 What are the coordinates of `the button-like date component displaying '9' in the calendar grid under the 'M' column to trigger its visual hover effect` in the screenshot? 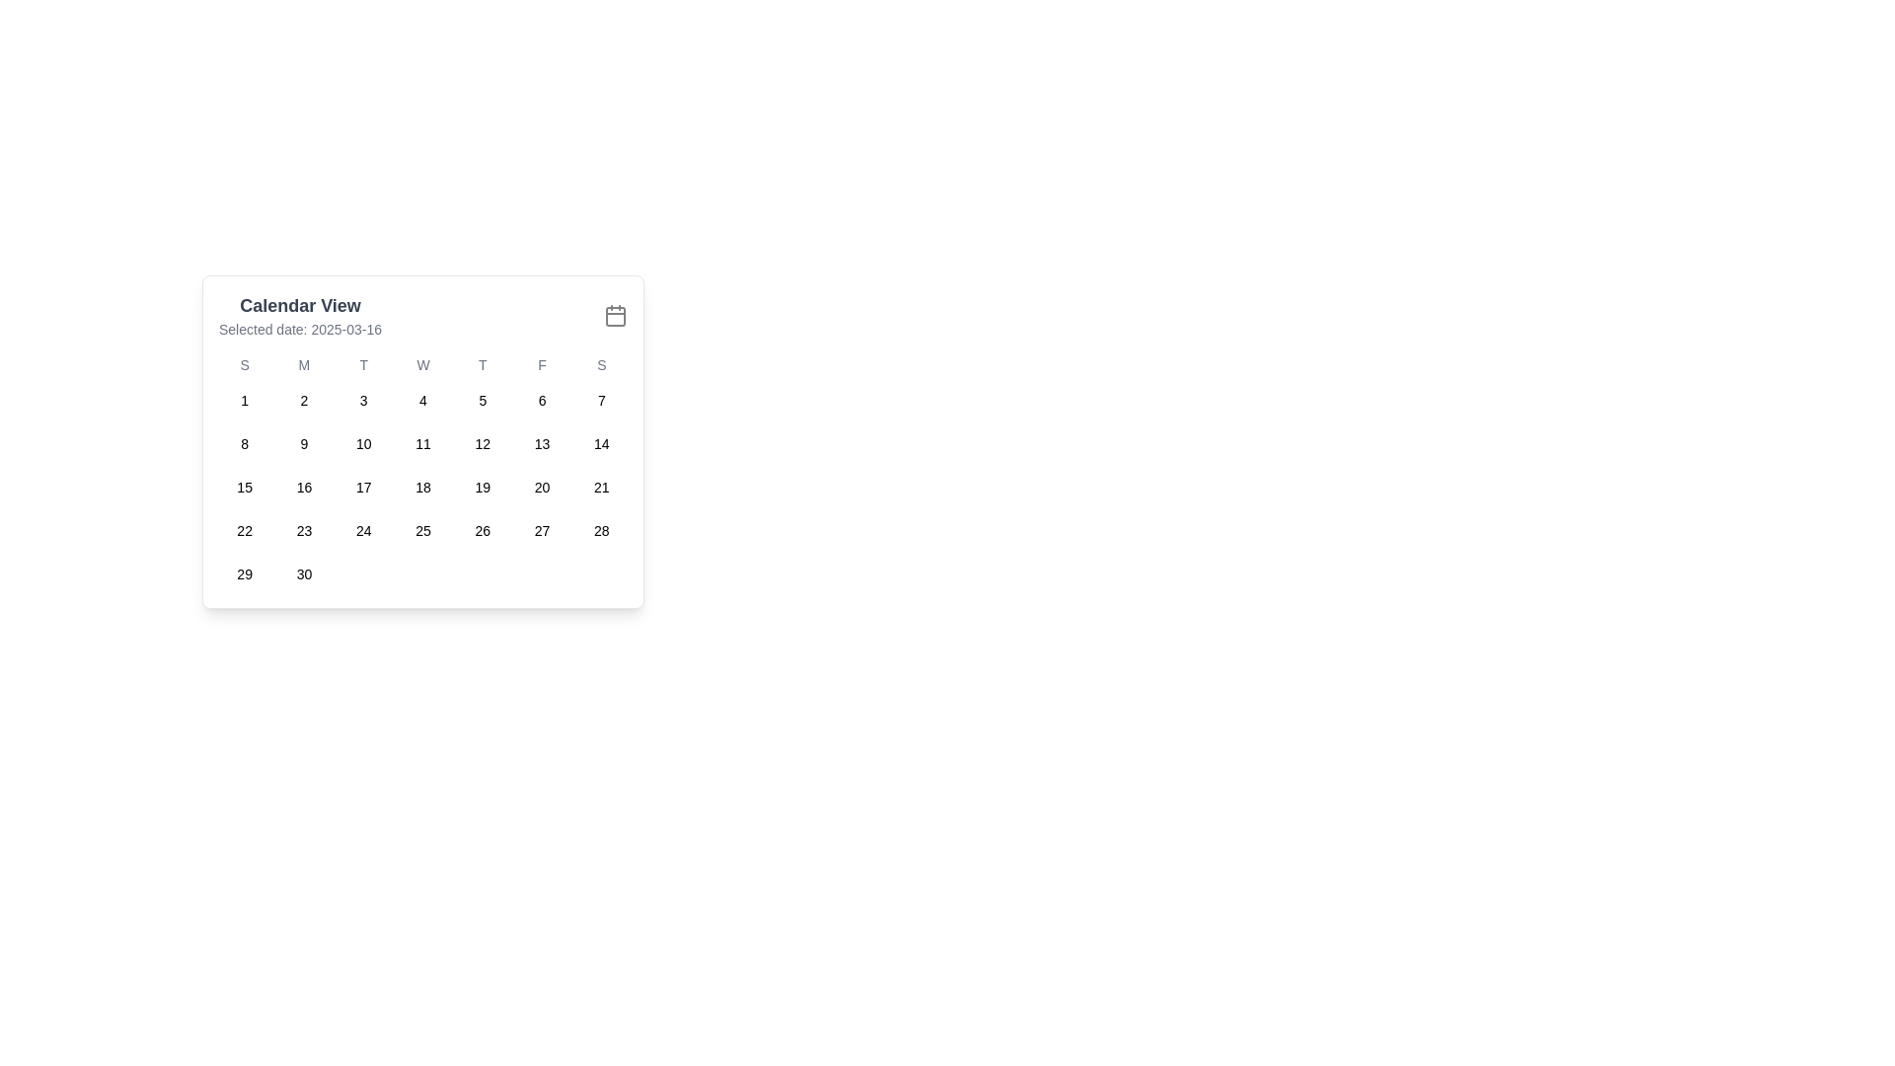 It's located at (303, 444).